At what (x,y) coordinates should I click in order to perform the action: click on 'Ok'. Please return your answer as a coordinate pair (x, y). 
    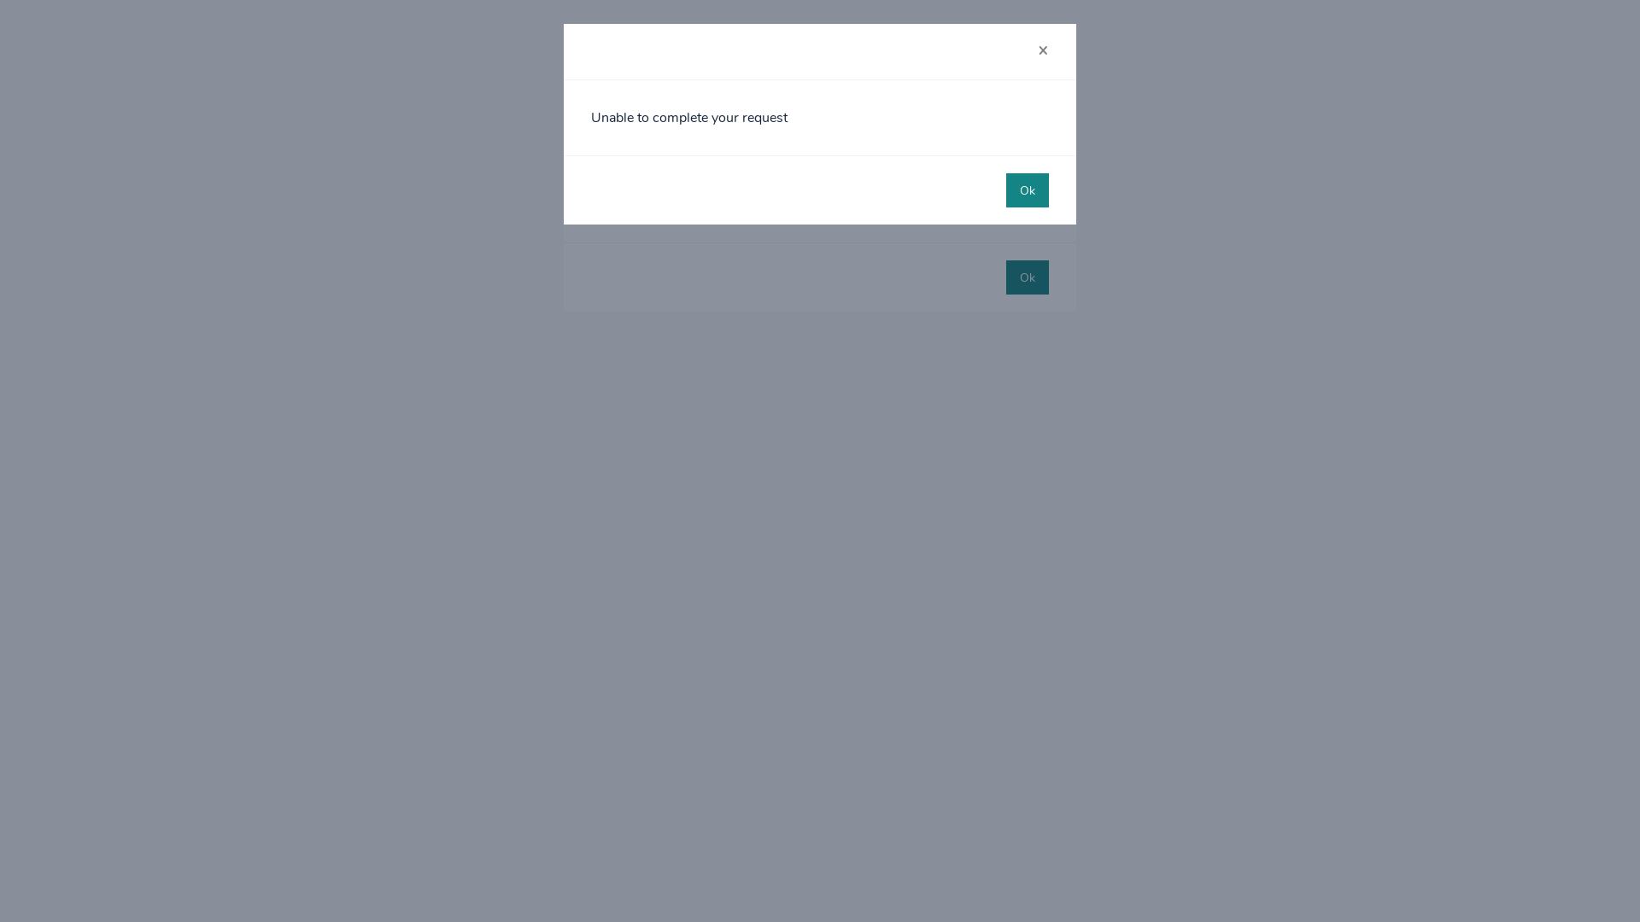
    Looking at the image, I should click on (1027, 190).